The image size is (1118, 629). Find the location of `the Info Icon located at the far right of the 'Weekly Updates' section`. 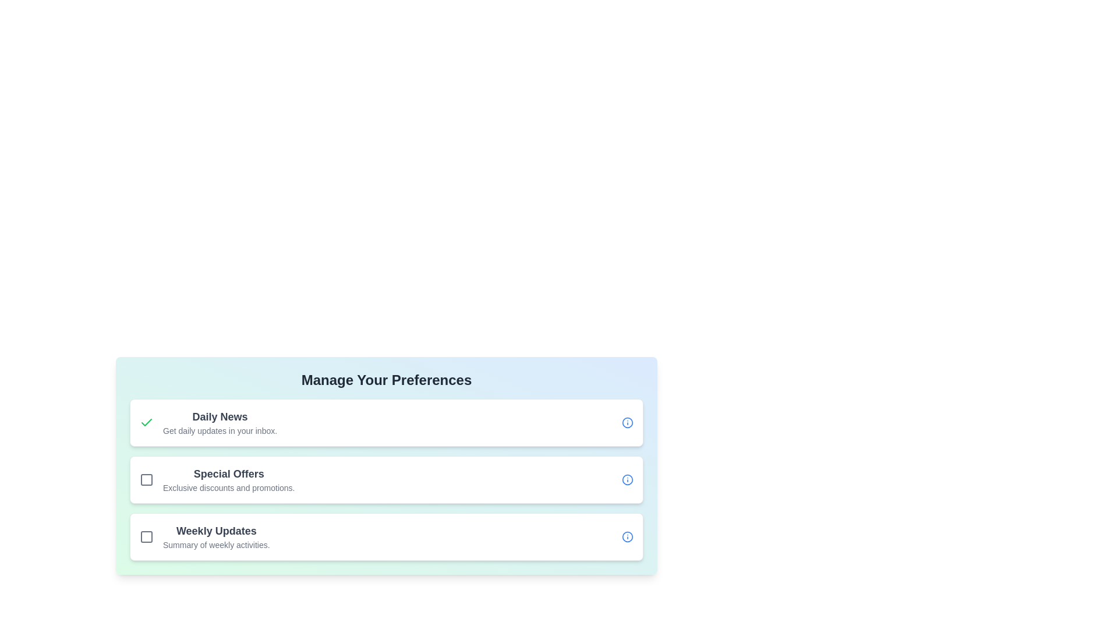

the Info Icon located at the far right of the 'Weekly Updates' section is located at coordinates (627, 536).